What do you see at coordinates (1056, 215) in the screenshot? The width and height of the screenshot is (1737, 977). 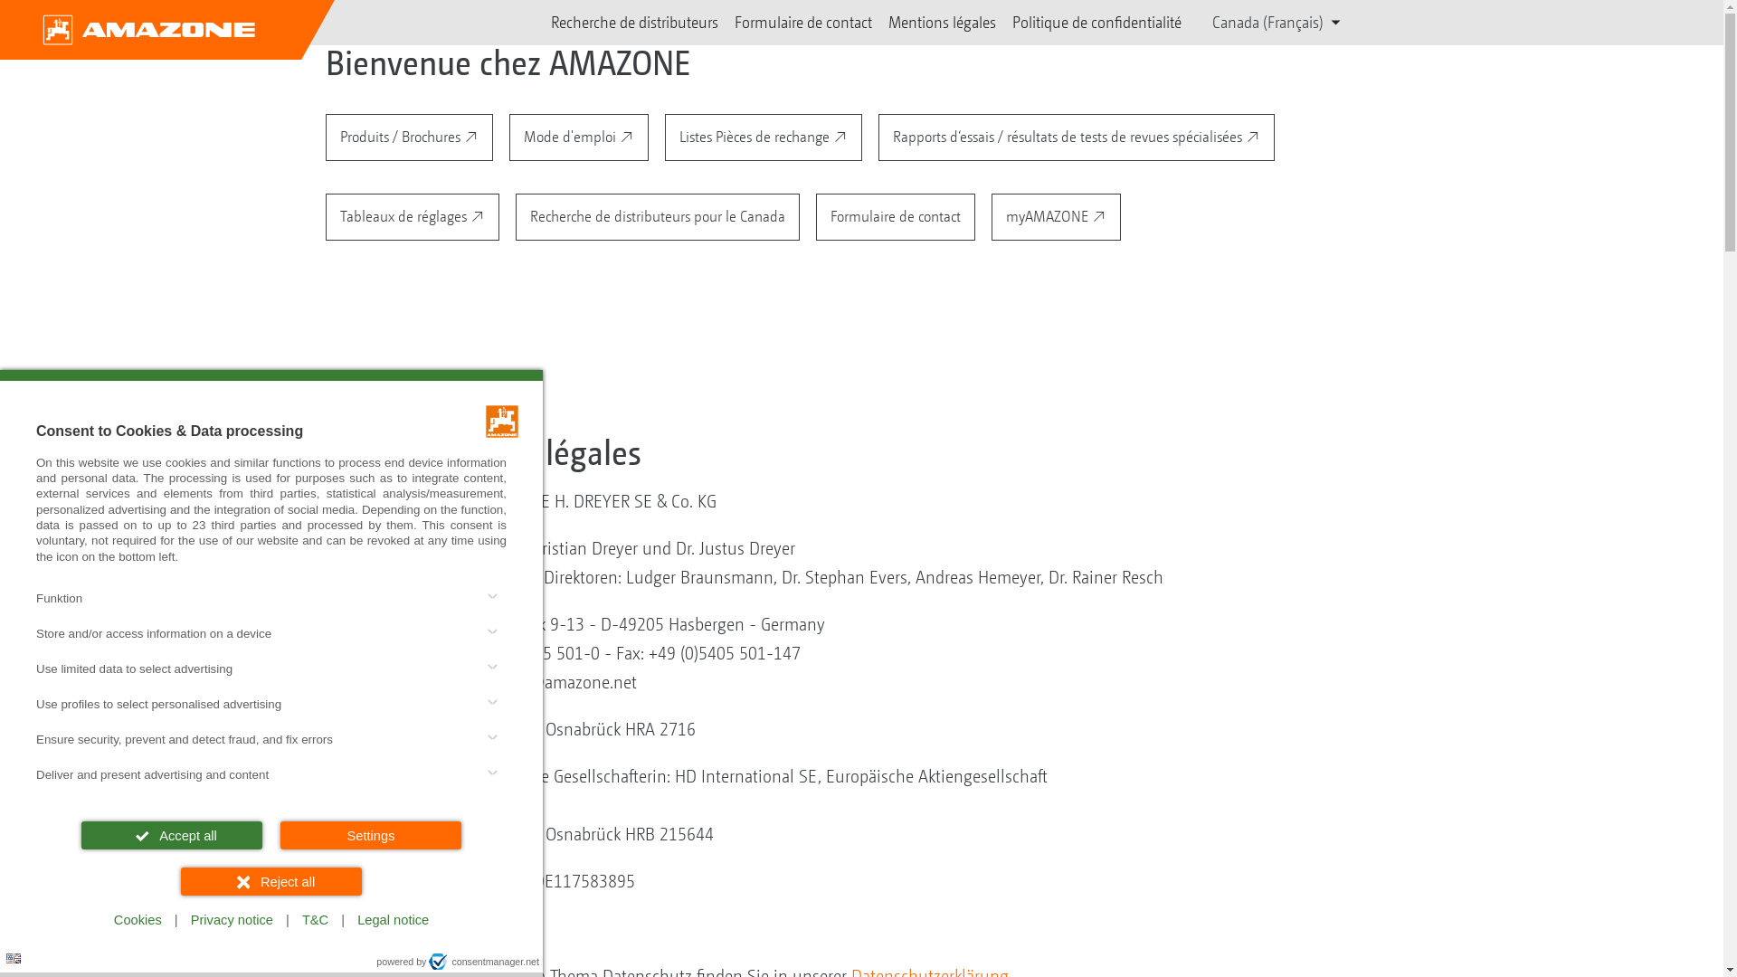 I see `'myAMAZONE'` at bounding box center [1056, 215].